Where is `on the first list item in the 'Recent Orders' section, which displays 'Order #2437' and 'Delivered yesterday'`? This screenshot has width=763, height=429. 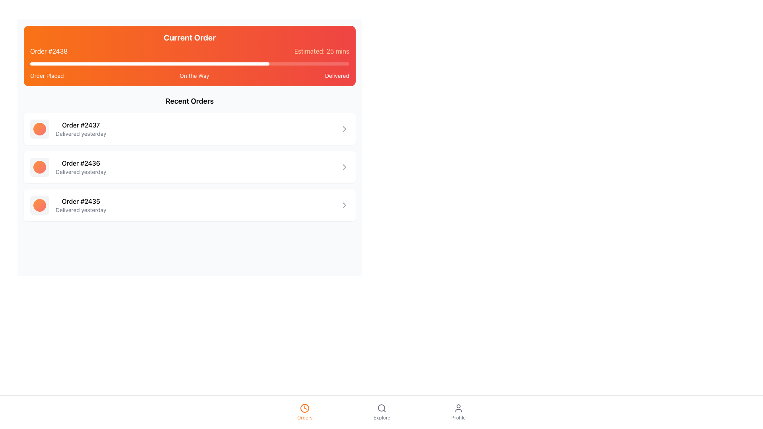 on the first list item in the 'Recent Orders' section, which displays 'Order #2437' and 'Delivered yesterday' is located at coordinates (68, 128).